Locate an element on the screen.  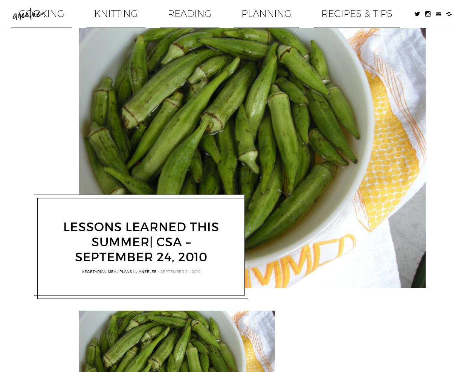
'vegetarian meal plans' is located at coordinates (106, 266).